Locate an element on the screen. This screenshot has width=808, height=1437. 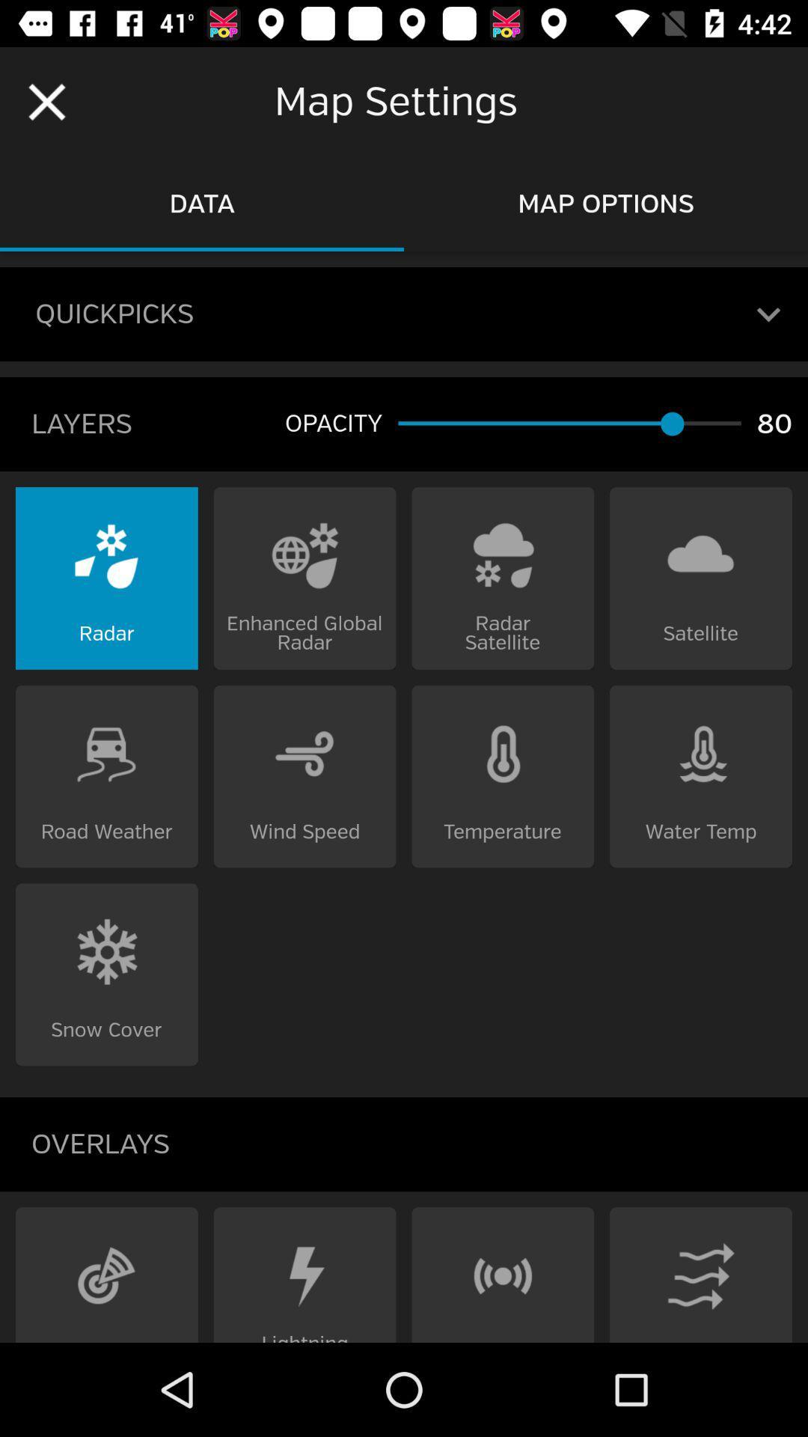
the av_forward icon is located at coordinates (105, 1274).